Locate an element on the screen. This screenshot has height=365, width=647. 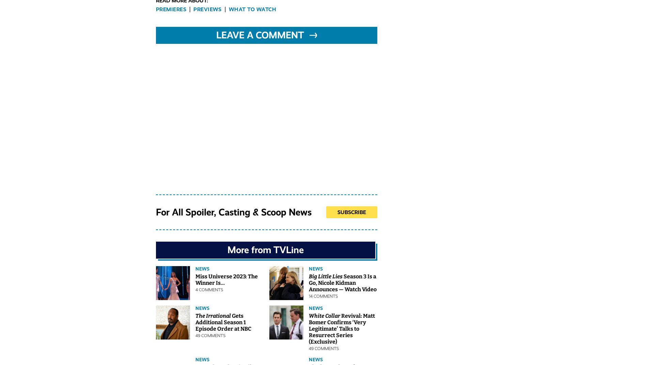
'Season 3 Is a Go, Nicole Kidman Announces — Watch Video' is located at coordinates (309, 283).